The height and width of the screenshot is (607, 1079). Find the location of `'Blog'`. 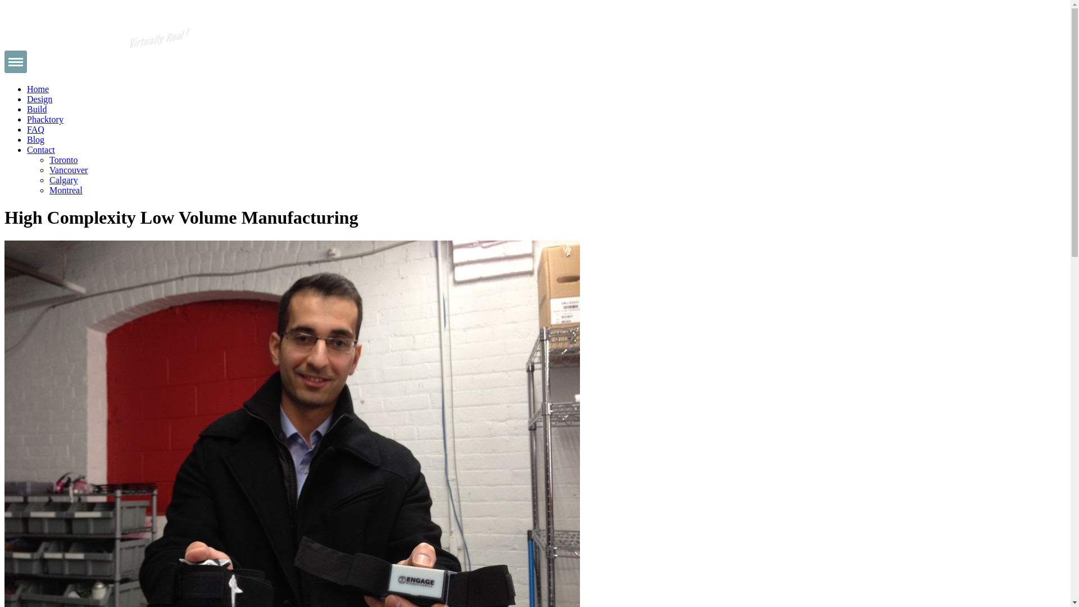

'Blog' is located at coordinates (35, 139).